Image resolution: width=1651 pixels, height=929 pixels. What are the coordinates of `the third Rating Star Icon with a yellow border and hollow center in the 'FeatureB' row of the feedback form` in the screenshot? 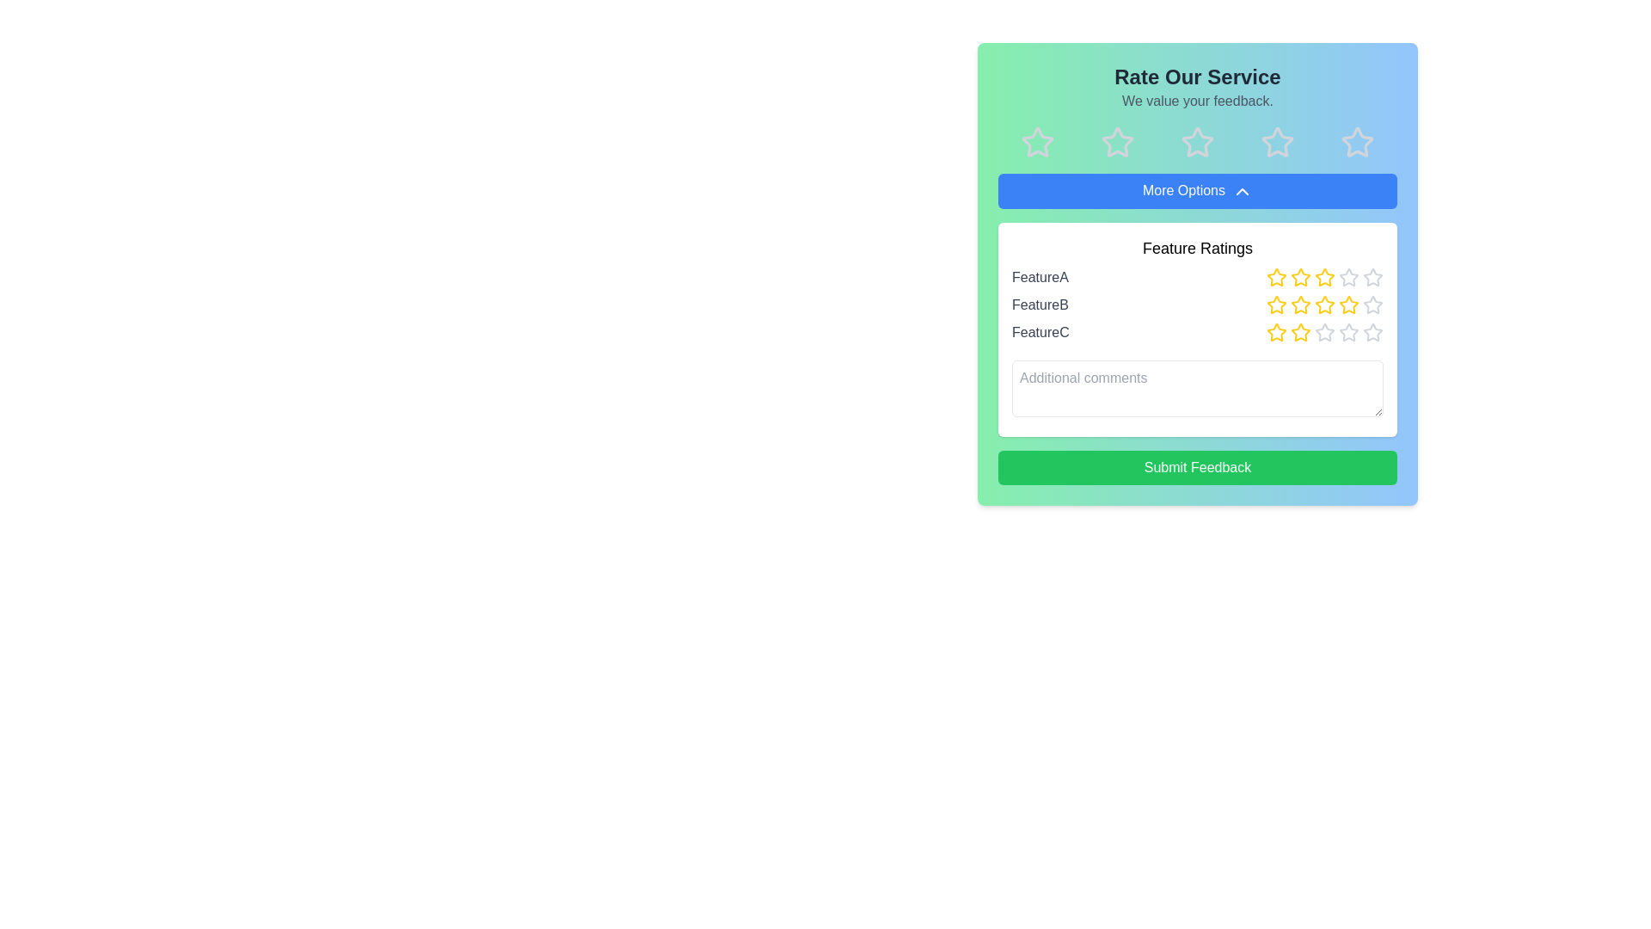 It's located at (1300, 304).